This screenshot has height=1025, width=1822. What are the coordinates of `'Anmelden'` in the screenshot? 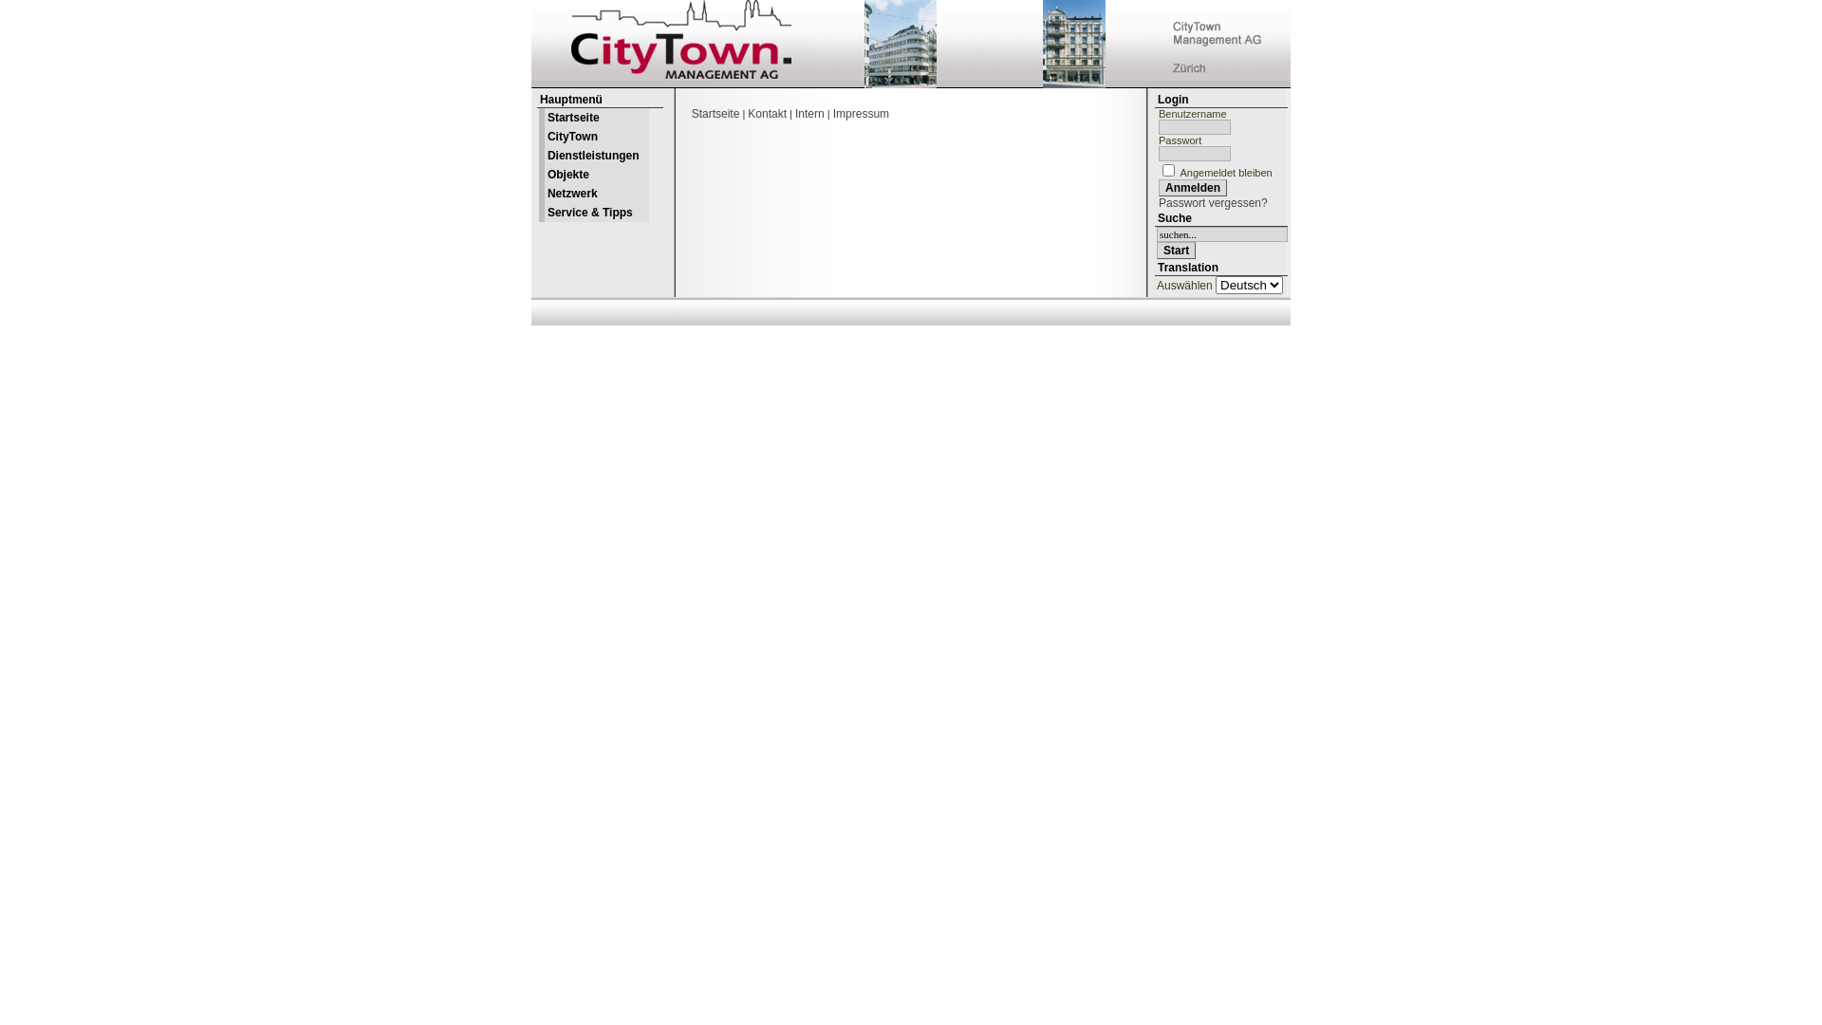 It's located at (1192, 187).